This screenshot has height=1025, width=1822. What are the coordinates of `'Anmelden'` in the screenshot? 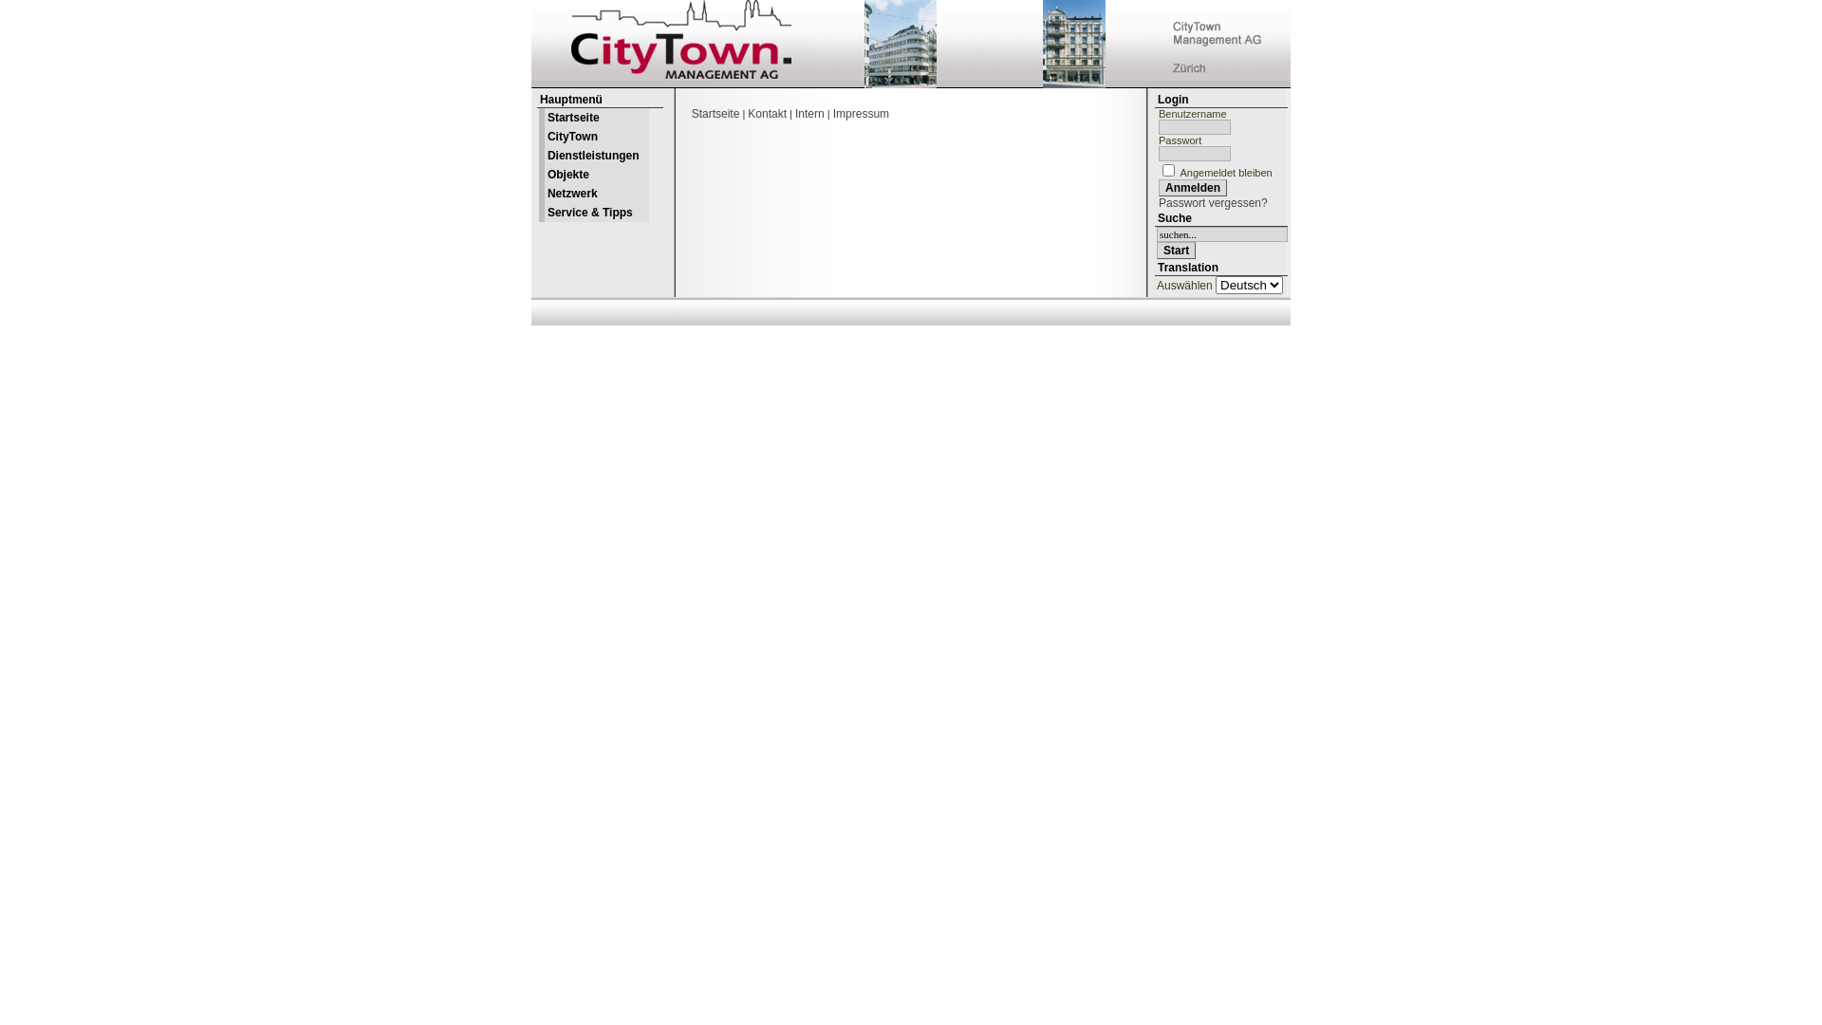 It's located at (1192, 187).